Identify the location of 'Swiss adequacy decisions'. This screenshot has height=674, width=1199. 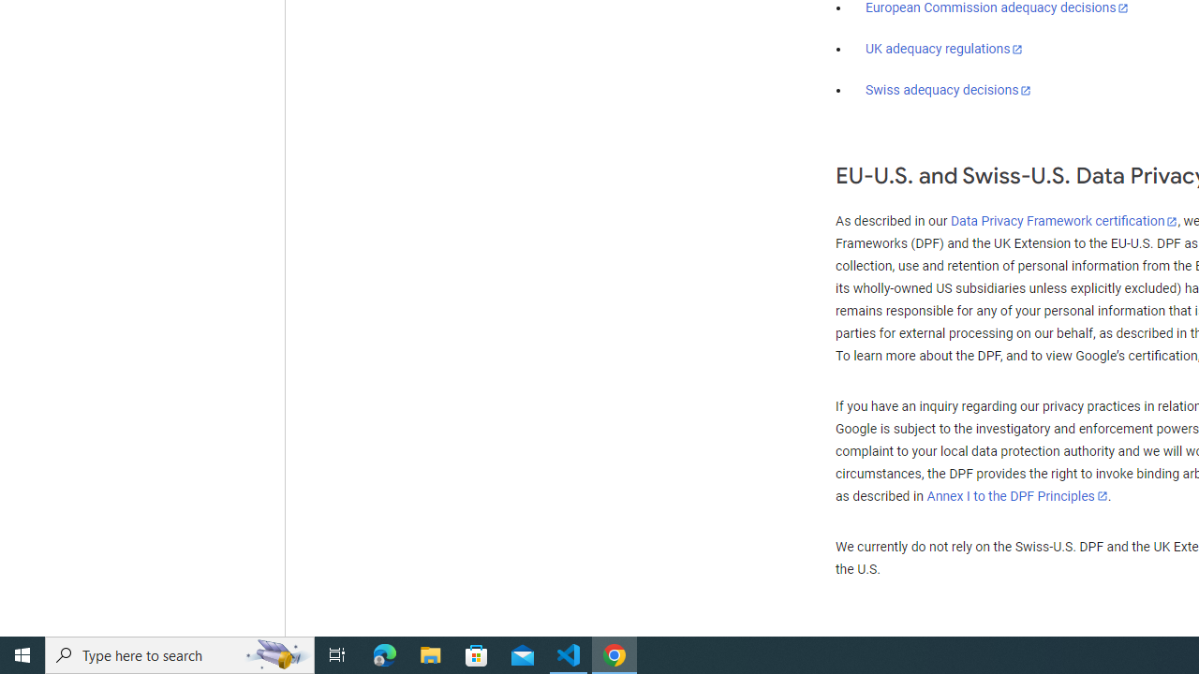
(949, 90).